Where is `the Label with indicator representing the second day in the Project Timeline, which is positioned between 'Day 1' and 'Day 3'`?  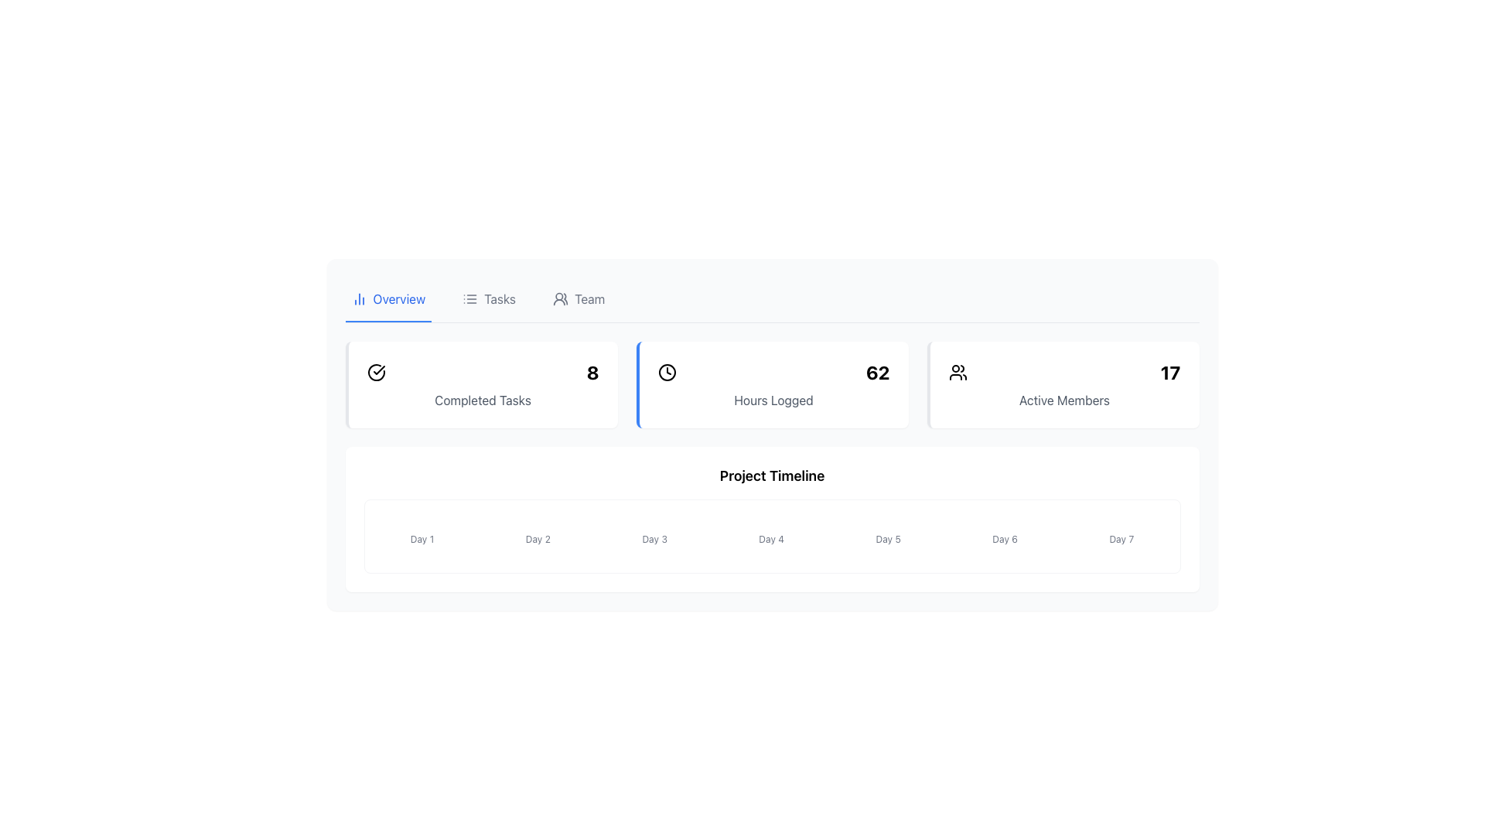
the Label with indicator representing the second day in the Project Timeline, which is positioned between 'Day 1' and 'Day 3' is located at coordinates (538, 536).